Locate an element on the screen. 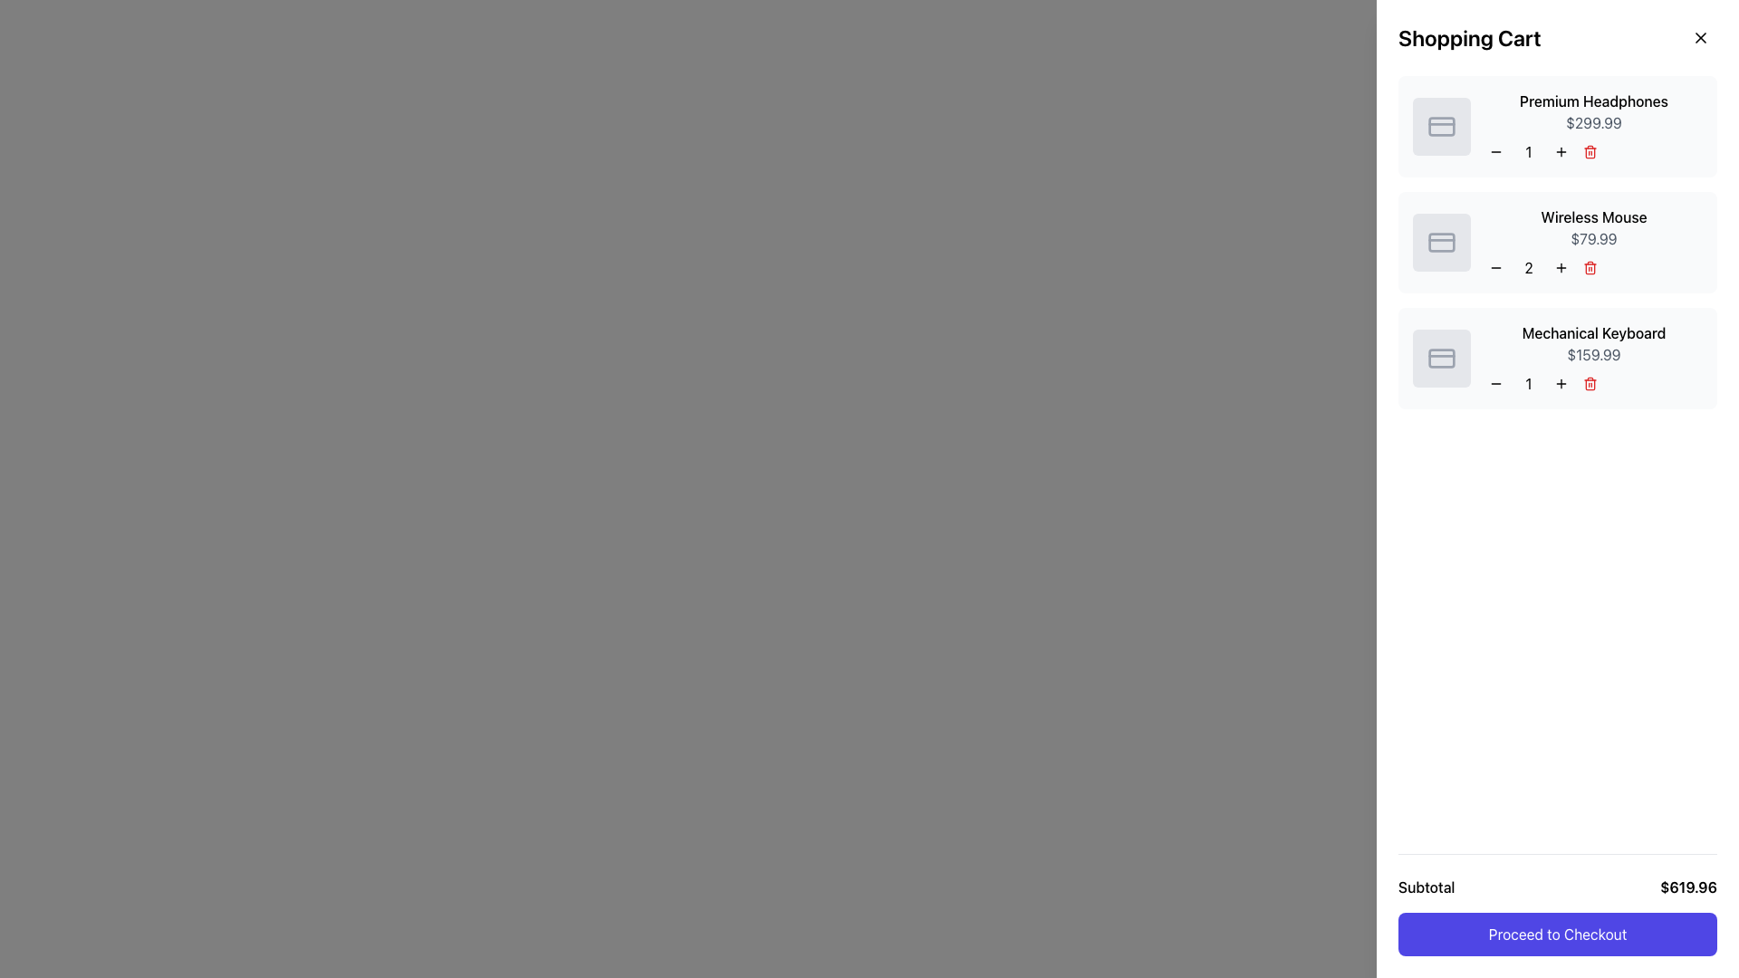 The height and width of the screenshot is (978, 1739). the main rectangular body of the credit card icon in the shopping cart interface, located adjacent to the 'Mechanical Keyboard' item is located at coordinates (1441, 359).